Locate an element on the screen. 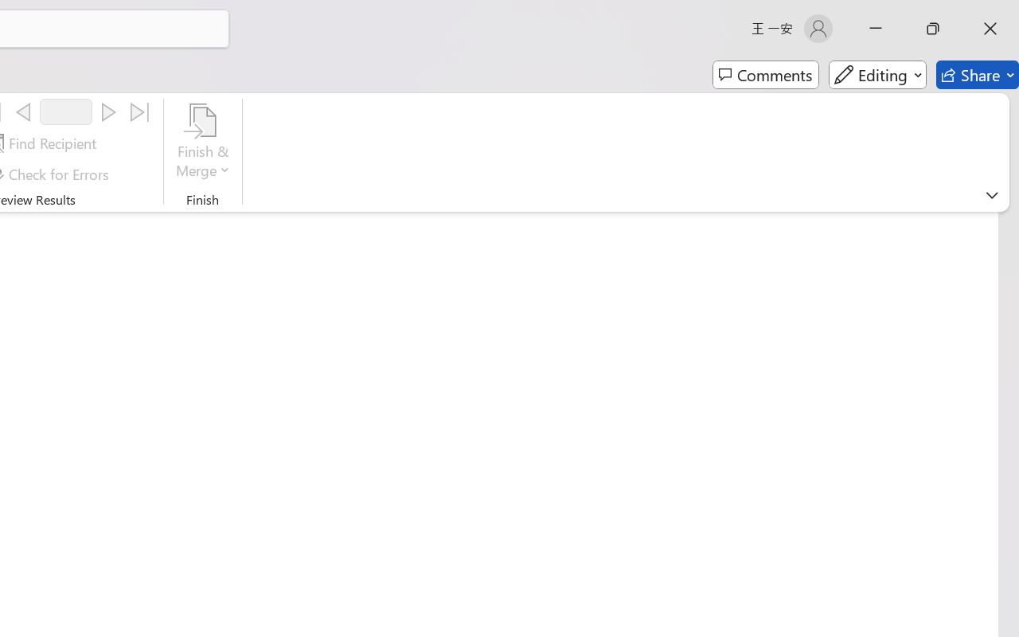 The width and height of the screenshot is (1019, 637). 'Last' is located at coordinates (140, 112).